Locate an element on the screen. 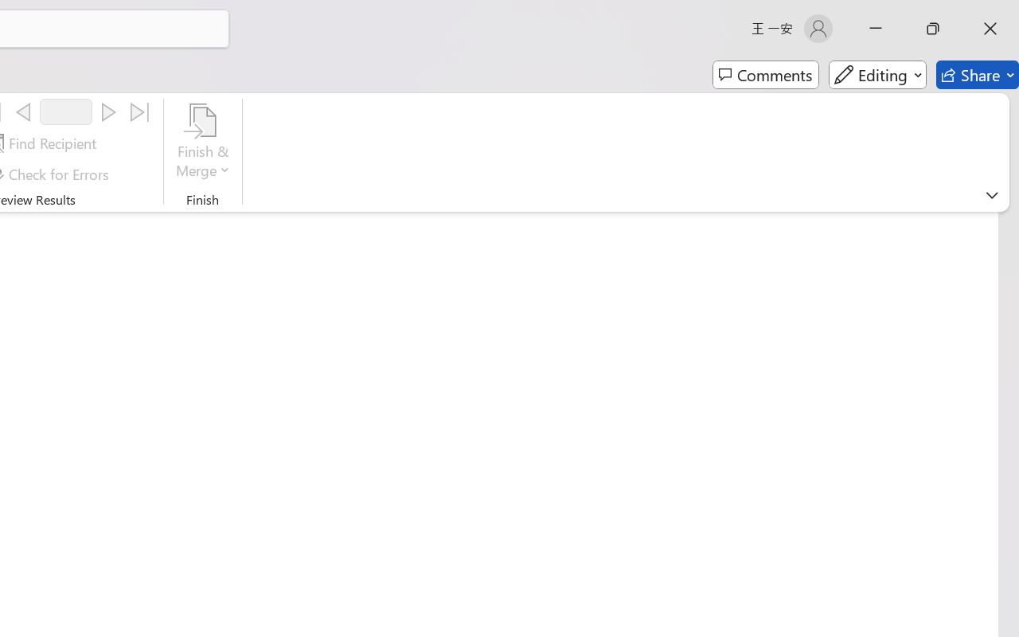 The width and height of the screenshot is (1019, 637). 'Last' is located at coordinates (140, 112).